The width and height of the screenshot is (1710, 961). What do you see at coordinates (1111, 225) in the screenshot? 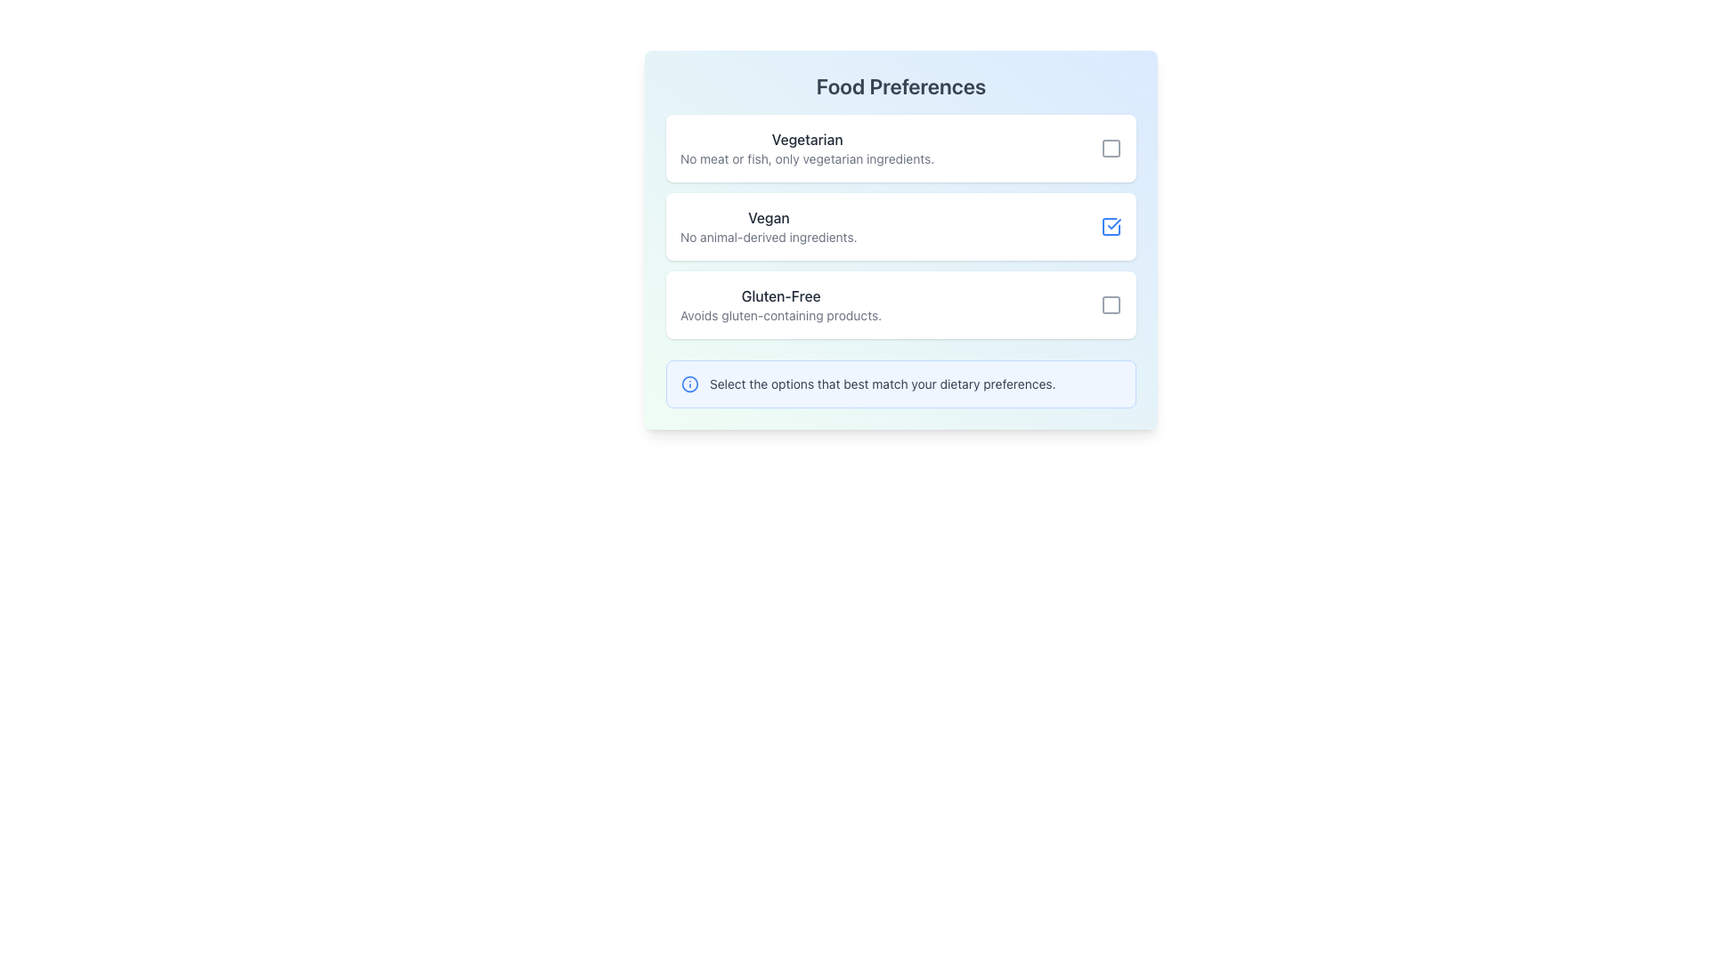
I see `the checkbox indicating the Vegan preference` at bounding box center [1111, 225].